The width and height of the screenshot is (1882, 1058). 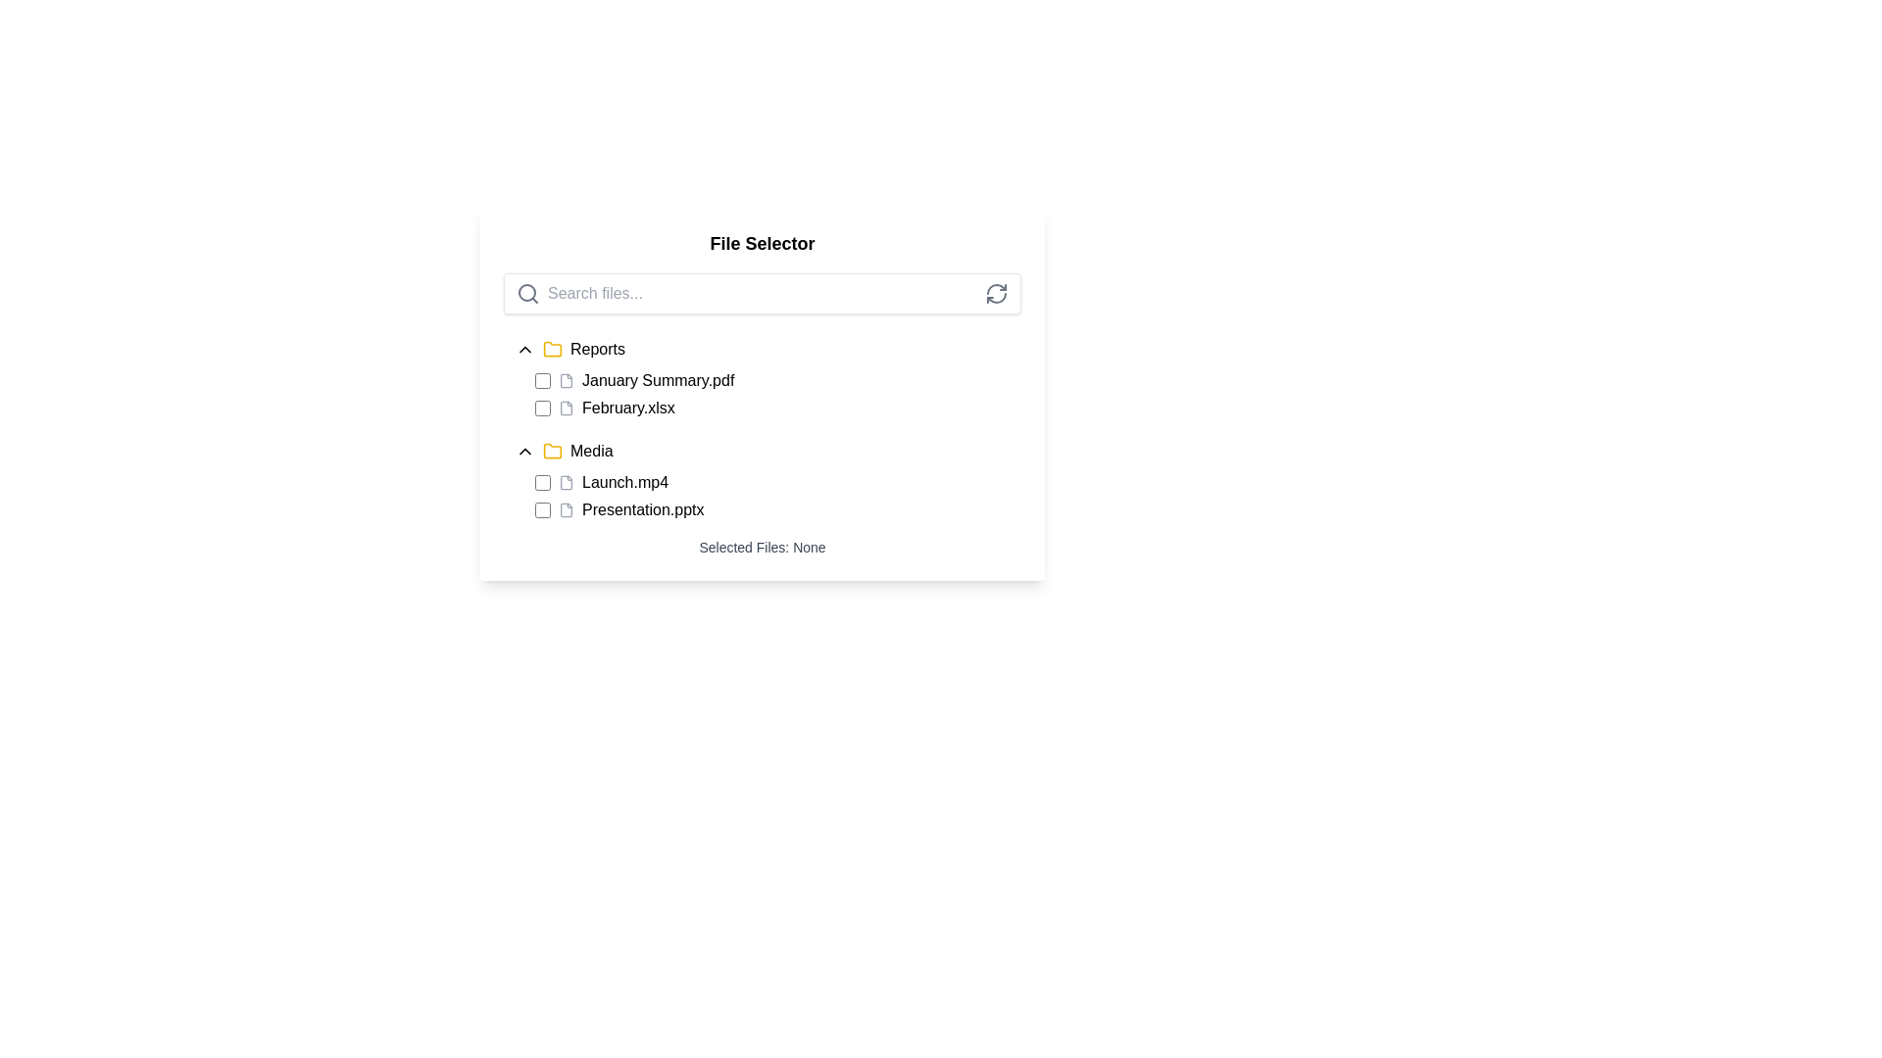 I want to click on the 'Media' folder row in the file selector interface, which is identified by its yellow folder icon and downward chevron symbol, located between the 'Reports' folder and the file rows 'Launch.mp4' and 'Presentation.pptx', so click(x=761, y=452).